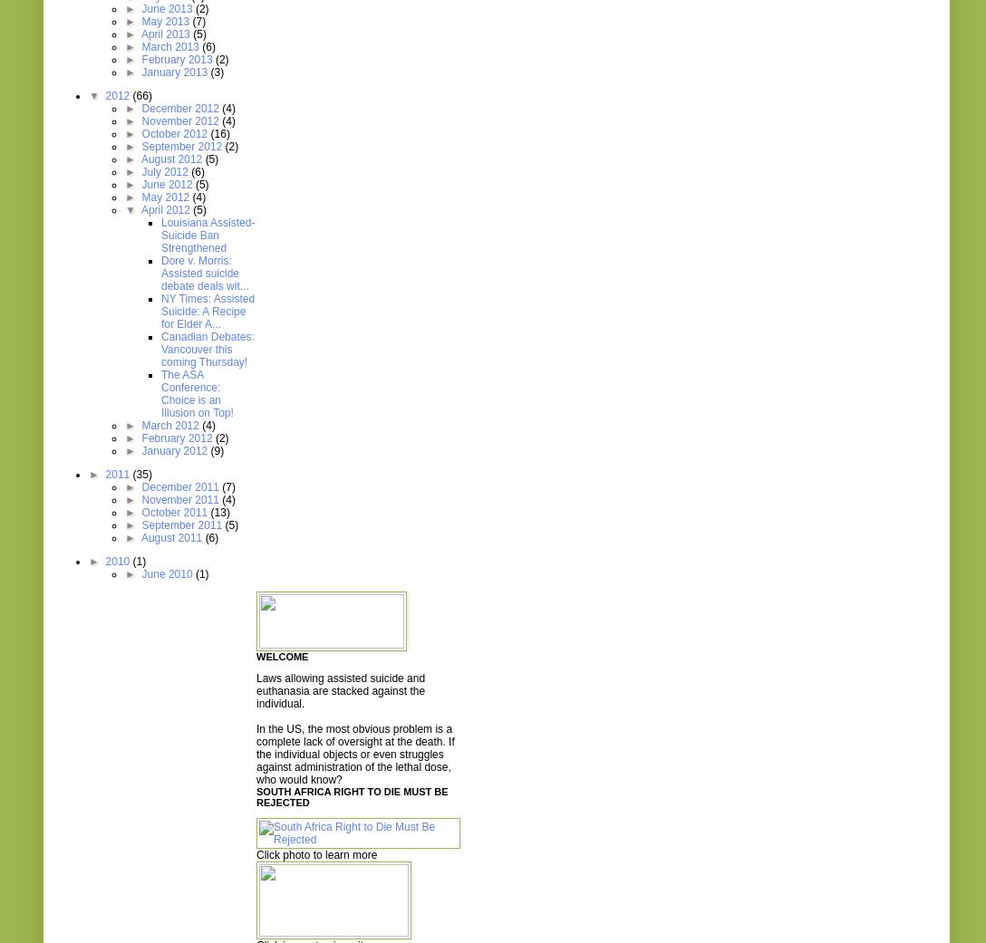  Describe the element at coordinates (104, 95) in the screenshot. I see `'2012'` at that location.